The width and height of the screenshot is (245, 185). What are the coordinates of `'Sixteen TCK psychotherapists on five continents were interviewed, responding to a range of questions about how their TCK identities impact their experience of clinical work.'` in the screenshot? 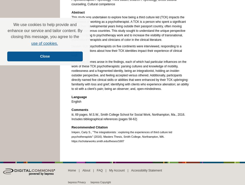 It's located at (126, 50).